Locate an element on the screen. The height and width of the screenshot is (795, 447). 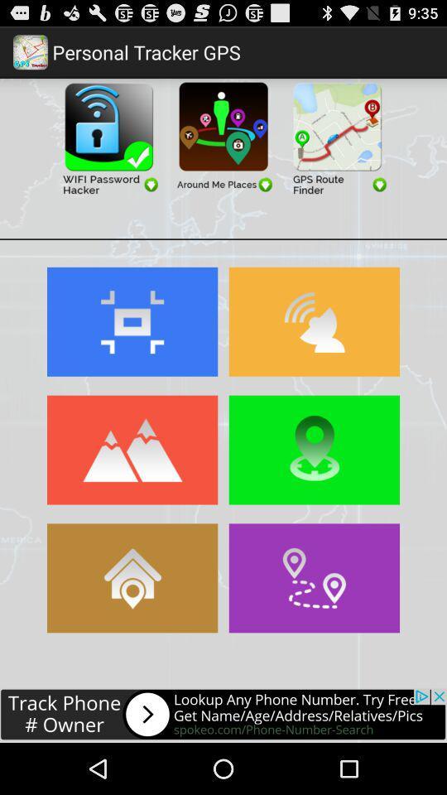
home button is located at coordinates (132, 578).